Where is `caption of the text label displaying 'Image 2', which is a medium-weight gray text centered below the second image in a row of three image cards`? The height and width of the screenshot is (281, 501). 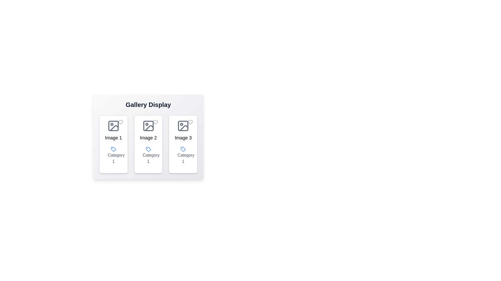
caption of the text label displaying 'Image 2', which is a medium-weight gray text centered below the second image in a row of three image cards is located at coordinates (148, 137).